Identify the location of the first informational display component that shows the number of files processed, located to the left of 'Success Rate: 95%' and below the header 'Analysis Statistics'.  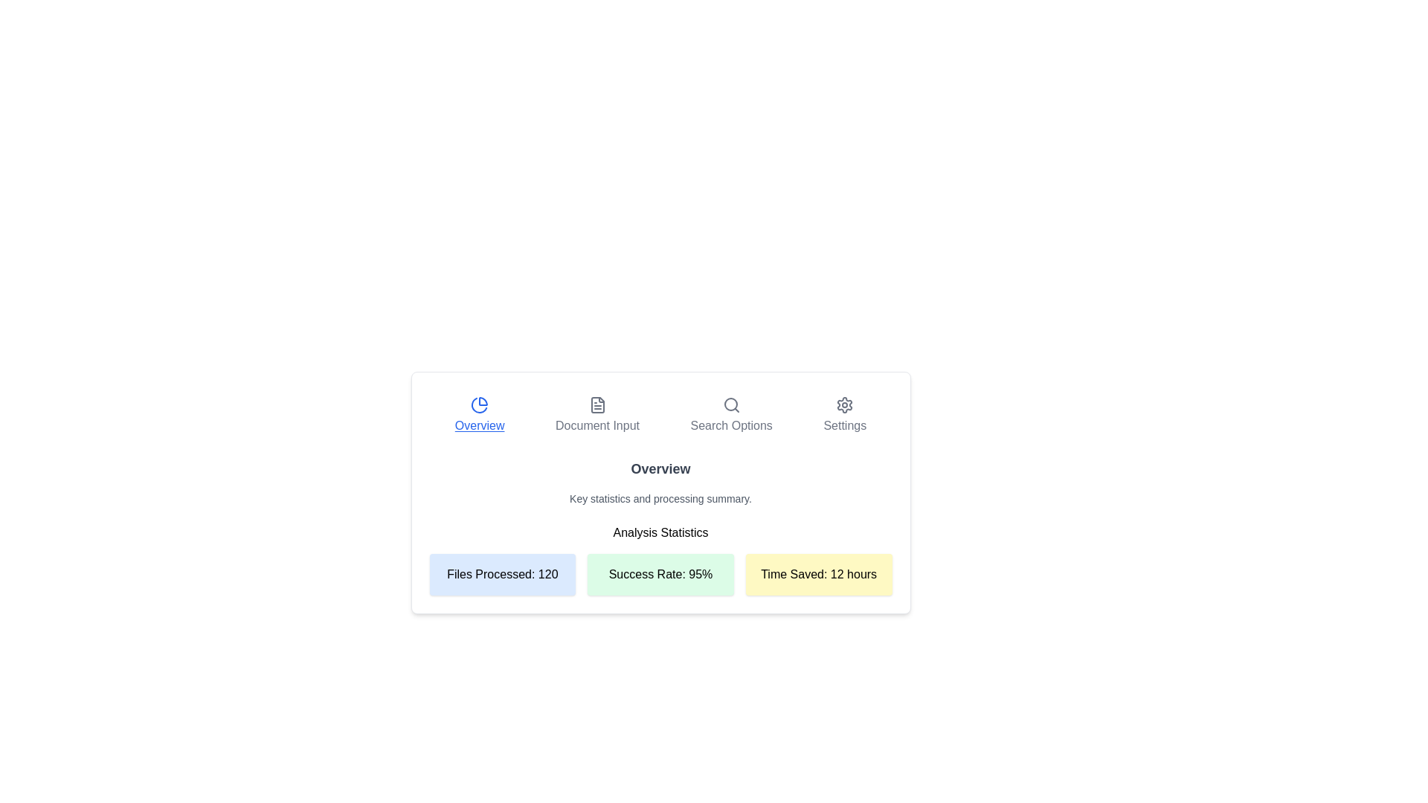
(502, 573).